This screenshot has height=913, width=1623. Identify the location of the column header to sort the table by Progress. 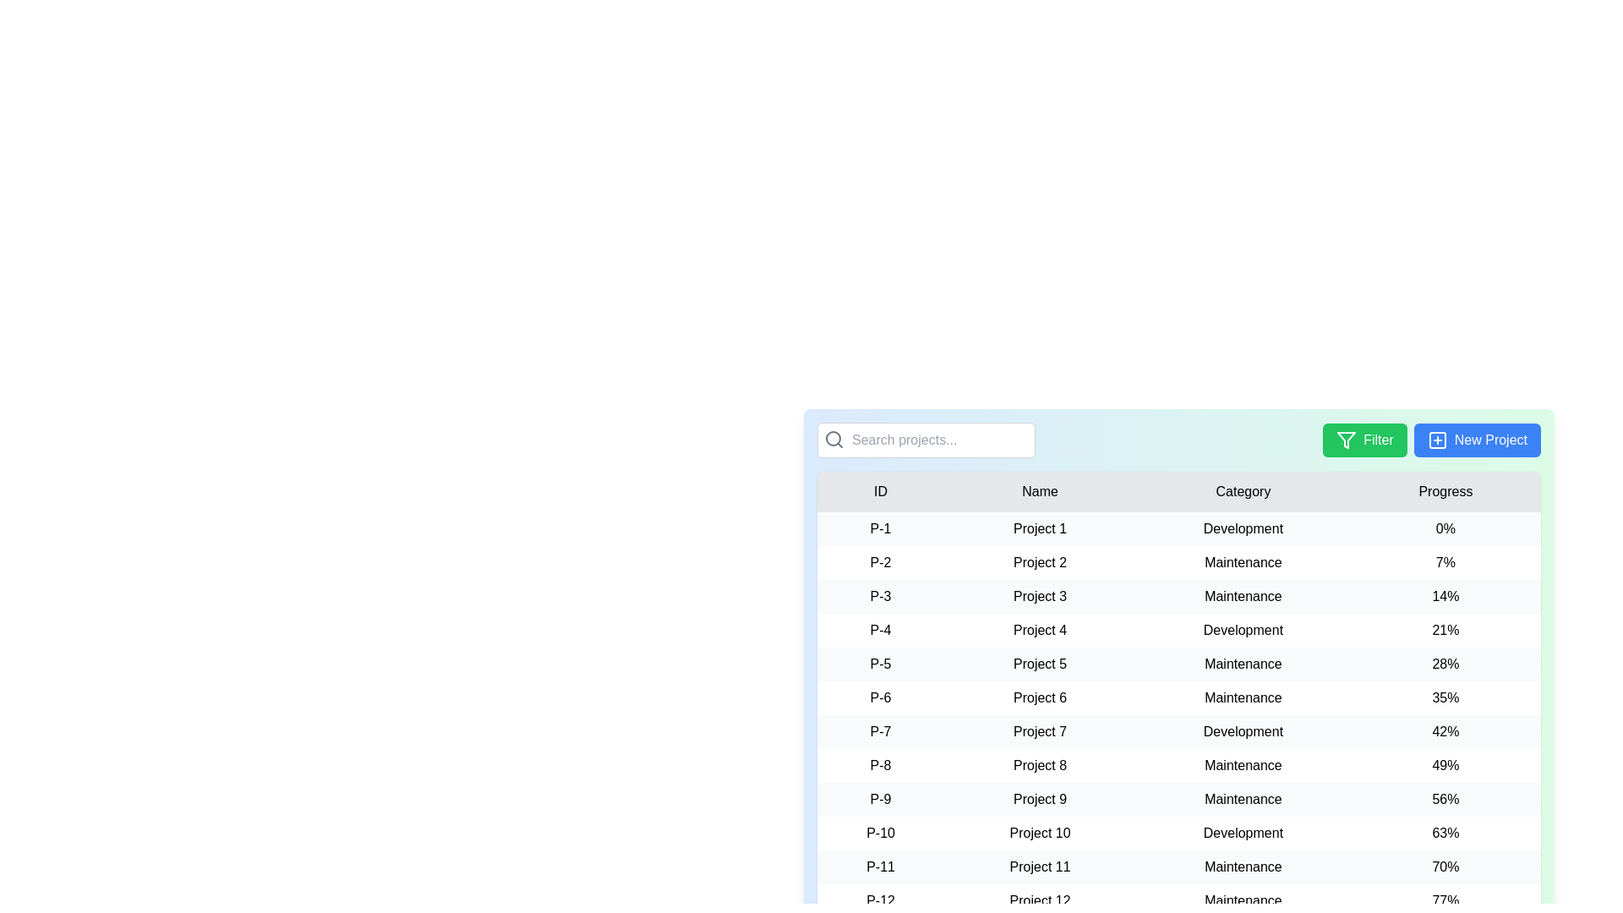
(1444, 492).